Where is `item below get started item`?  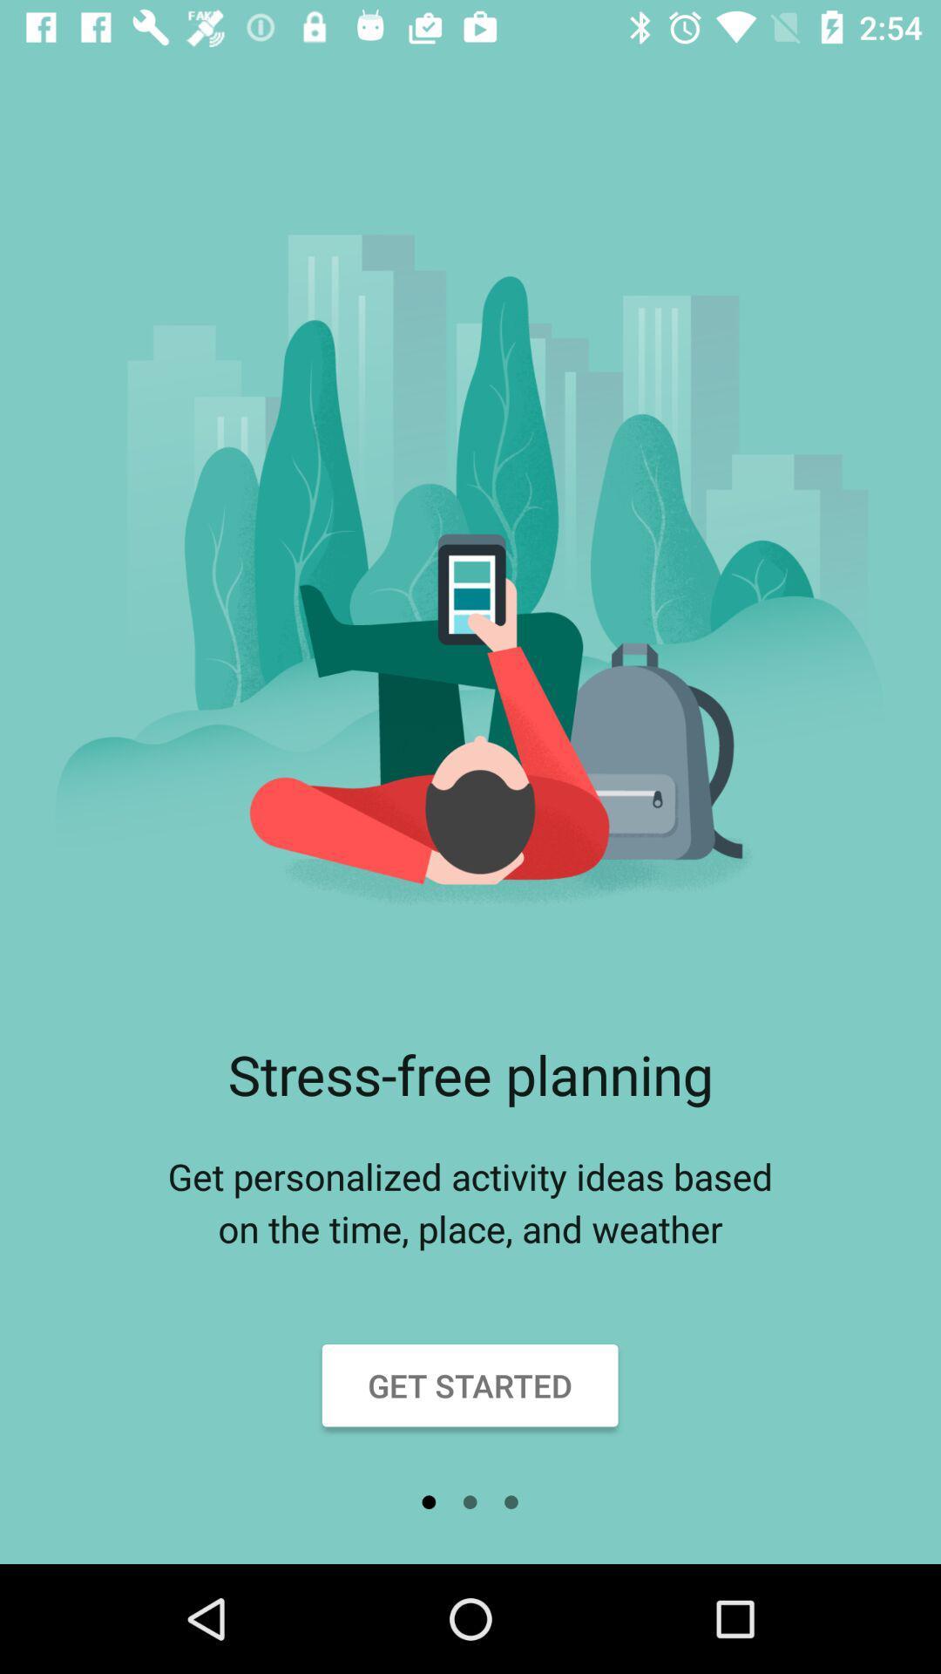
item below get started item is located at coordinates (469, 1501).